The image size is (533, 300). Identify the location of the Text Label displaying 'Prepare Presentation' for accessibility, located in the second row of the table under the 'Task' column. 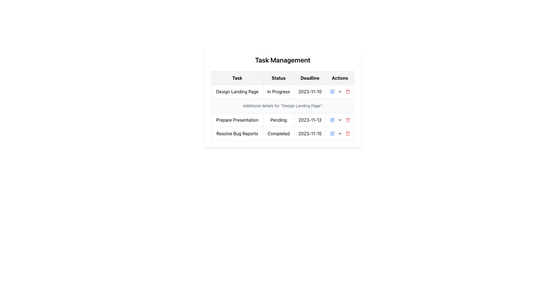
(237, 120).